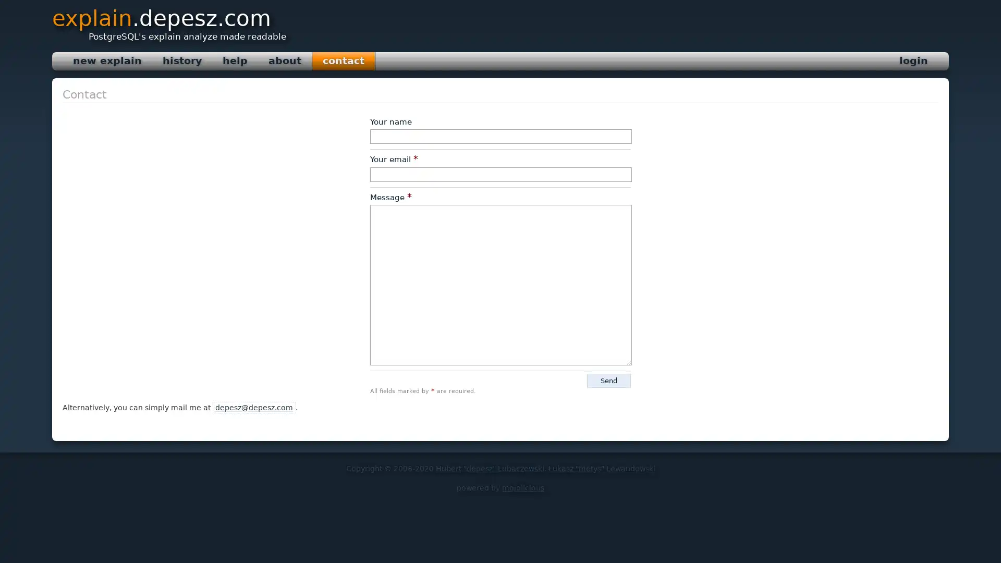  Describe the element at coordinates (608, 381) in the screenshot. I see `Send` at that location.